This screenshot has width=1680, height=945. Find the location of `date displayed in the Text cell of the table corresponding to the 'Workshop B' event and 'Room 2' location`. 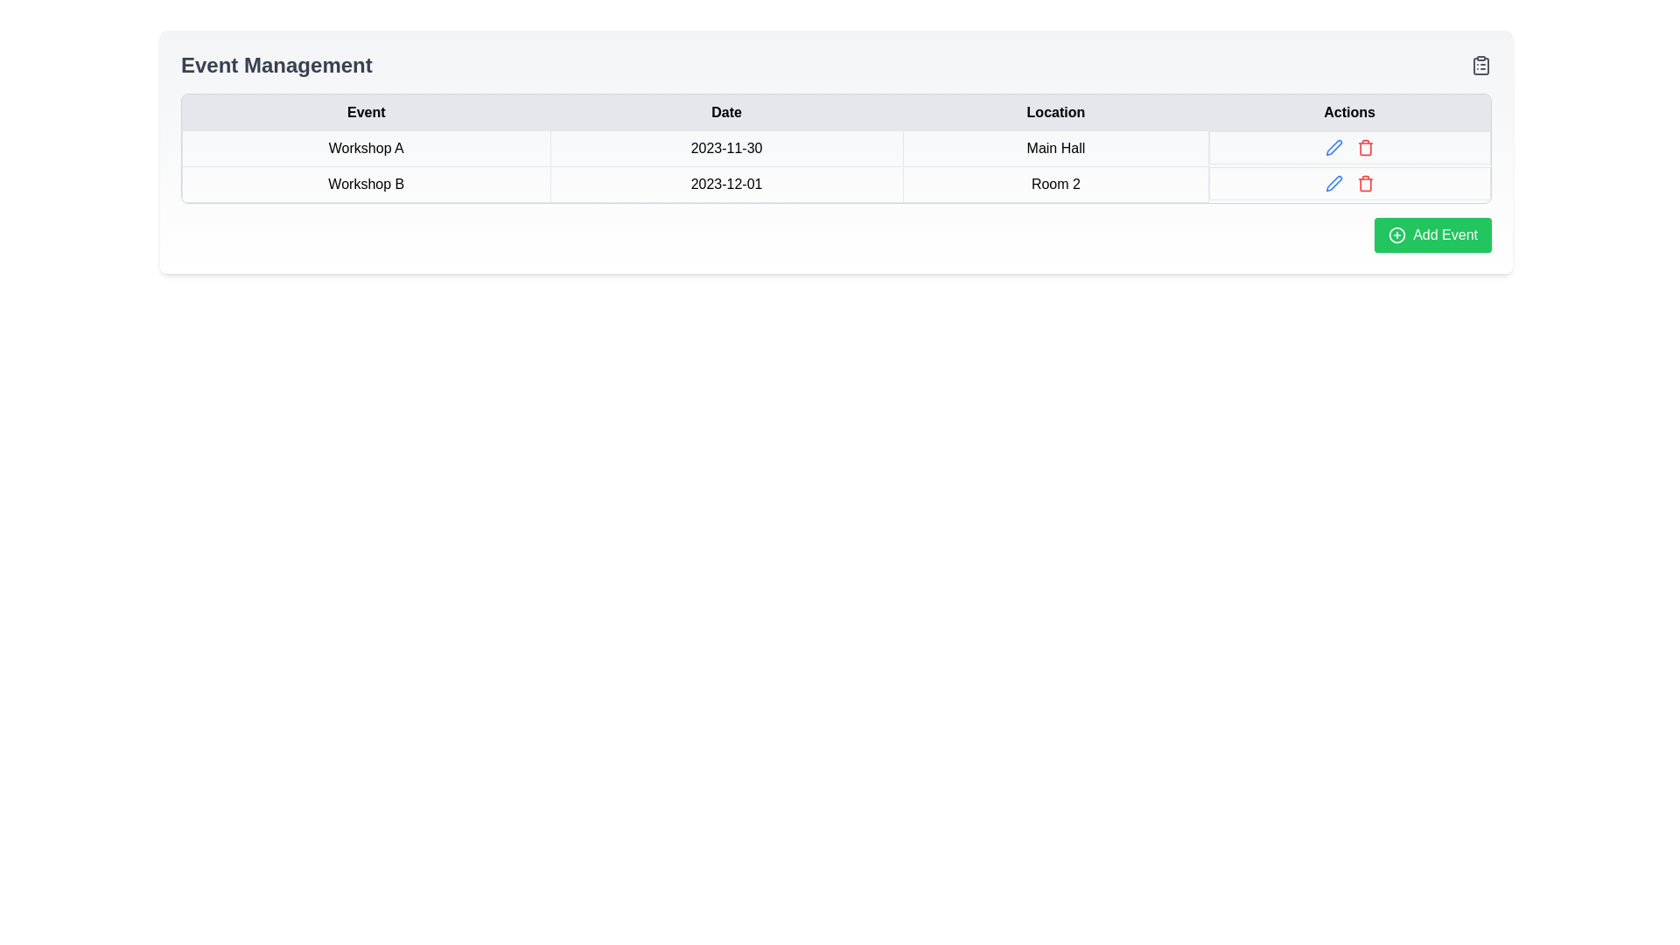

date displayed in the Text cell of the table corresponding to the 'Workshop B' event and 'Room 2' location is located at coordinates (726, 185).